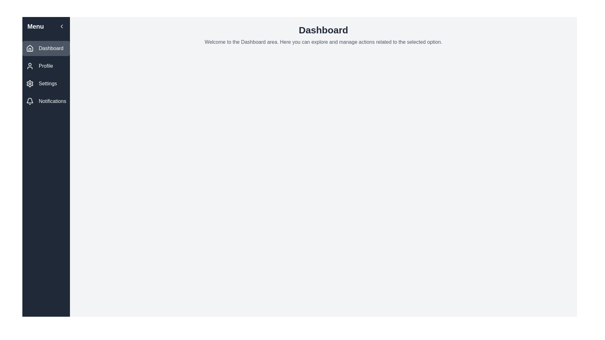 This screenshot has height=340, width=605. I want to click on the Profile icon in the left vertical navigation bar, which is positioned above the text 'Profile' and visually represents the Profile menu item, so click(30, 66).